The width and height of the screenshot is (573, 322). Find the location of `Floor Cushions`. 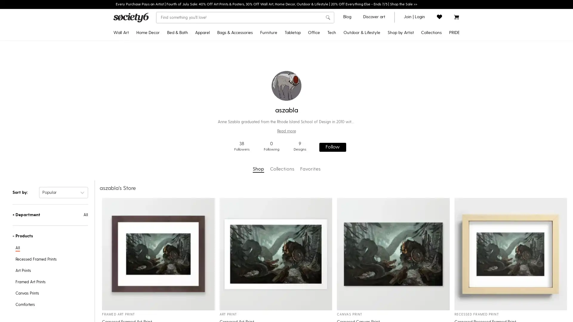

Floor Cushions is located at coordinates (369, 173).